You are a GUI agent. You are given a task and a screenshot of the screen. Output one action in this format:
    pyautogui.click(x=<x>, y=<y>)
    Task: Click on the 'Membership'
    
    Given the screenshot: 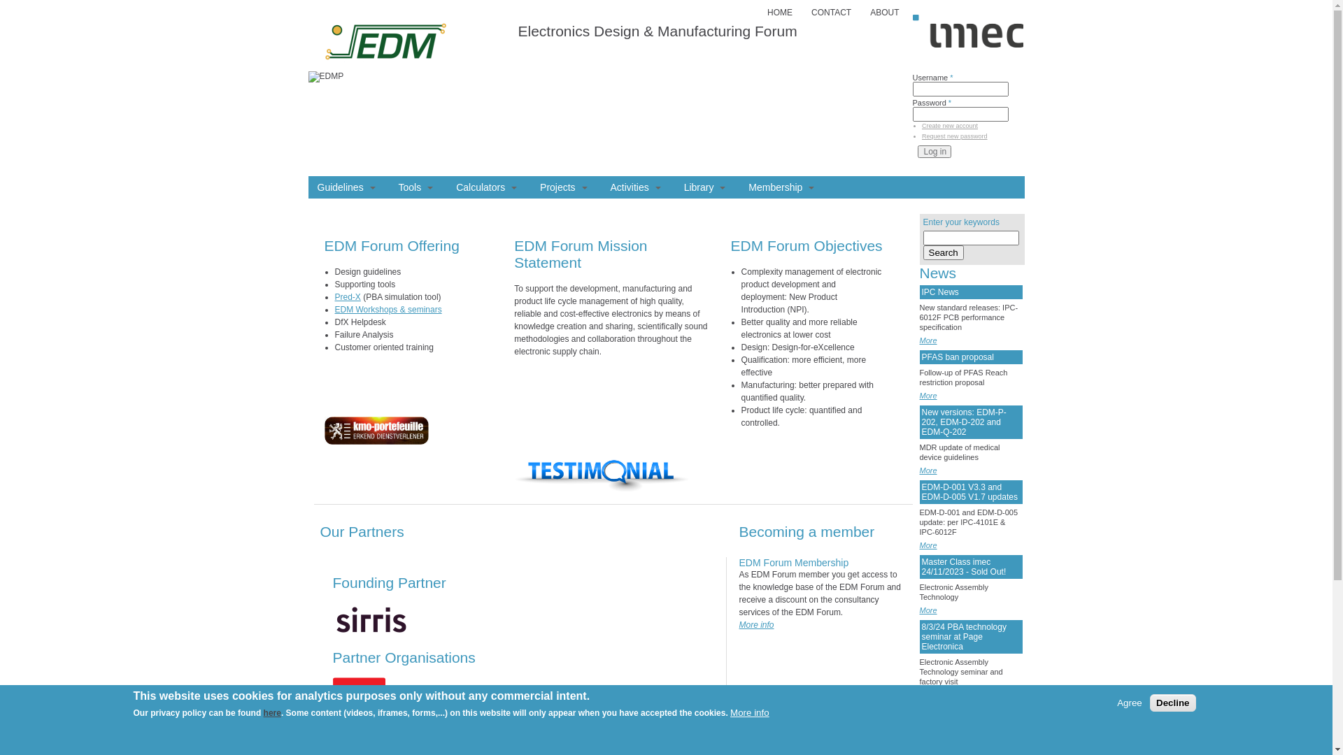 What is the action you would take?
    pyautogui.click(x=781, y=186)
    